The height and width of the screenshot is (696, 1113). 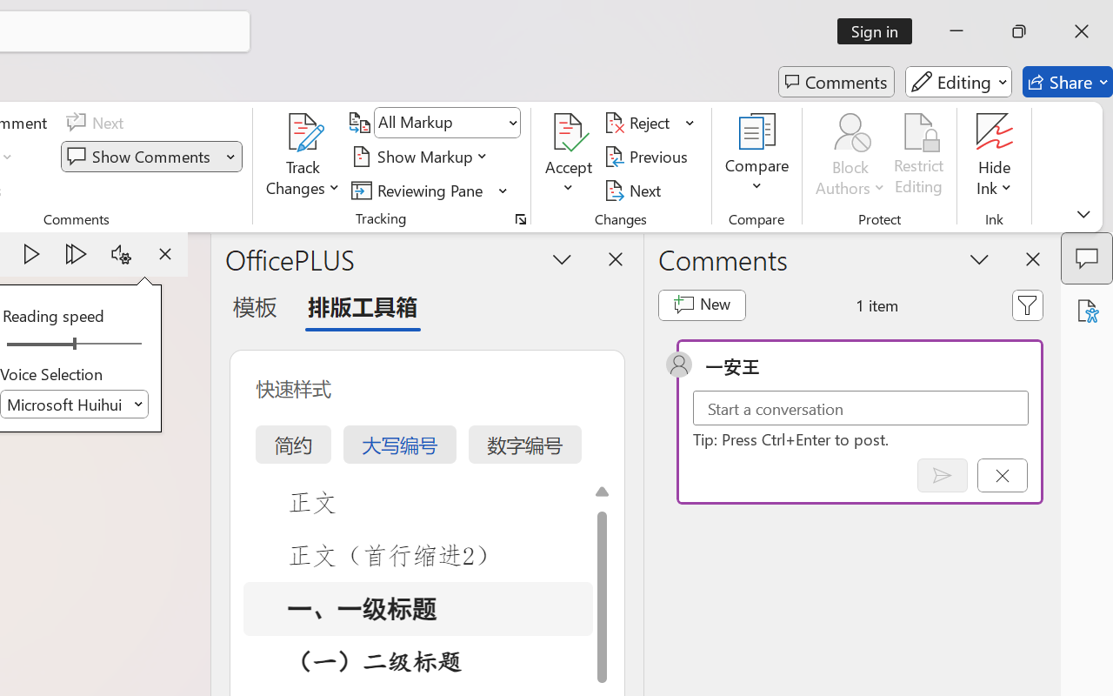 I want to click on 'Start a conversation', so click(x=861, y=408).